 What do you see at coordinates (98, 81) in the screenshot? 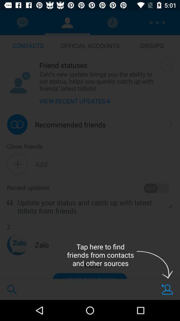
I see `zalo s new icon` at bounding box center [98, 81].